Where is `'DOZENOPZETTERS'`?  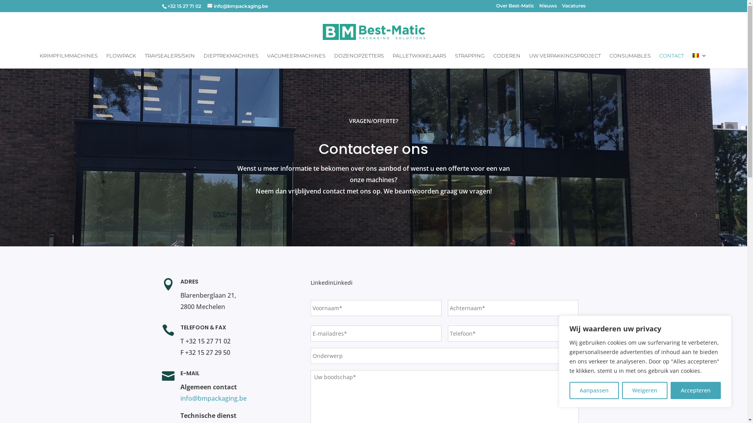
'DOZENOPZETTERS' is located at coordinates (358, 60).